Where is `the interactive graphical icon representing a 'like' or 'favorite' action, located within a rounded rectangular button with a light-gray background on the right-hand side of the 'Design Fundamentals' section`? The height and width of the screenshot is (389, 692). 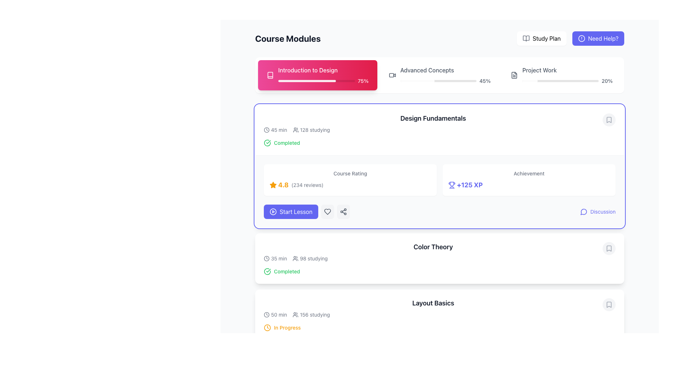
the interactive graphical icon representing a 'like' or 'favorite' action, located within a rounded rectangular button with a light-gray background on the right-hand side of the 'Design Fundamentals' section is located at coordinates (327, 211).